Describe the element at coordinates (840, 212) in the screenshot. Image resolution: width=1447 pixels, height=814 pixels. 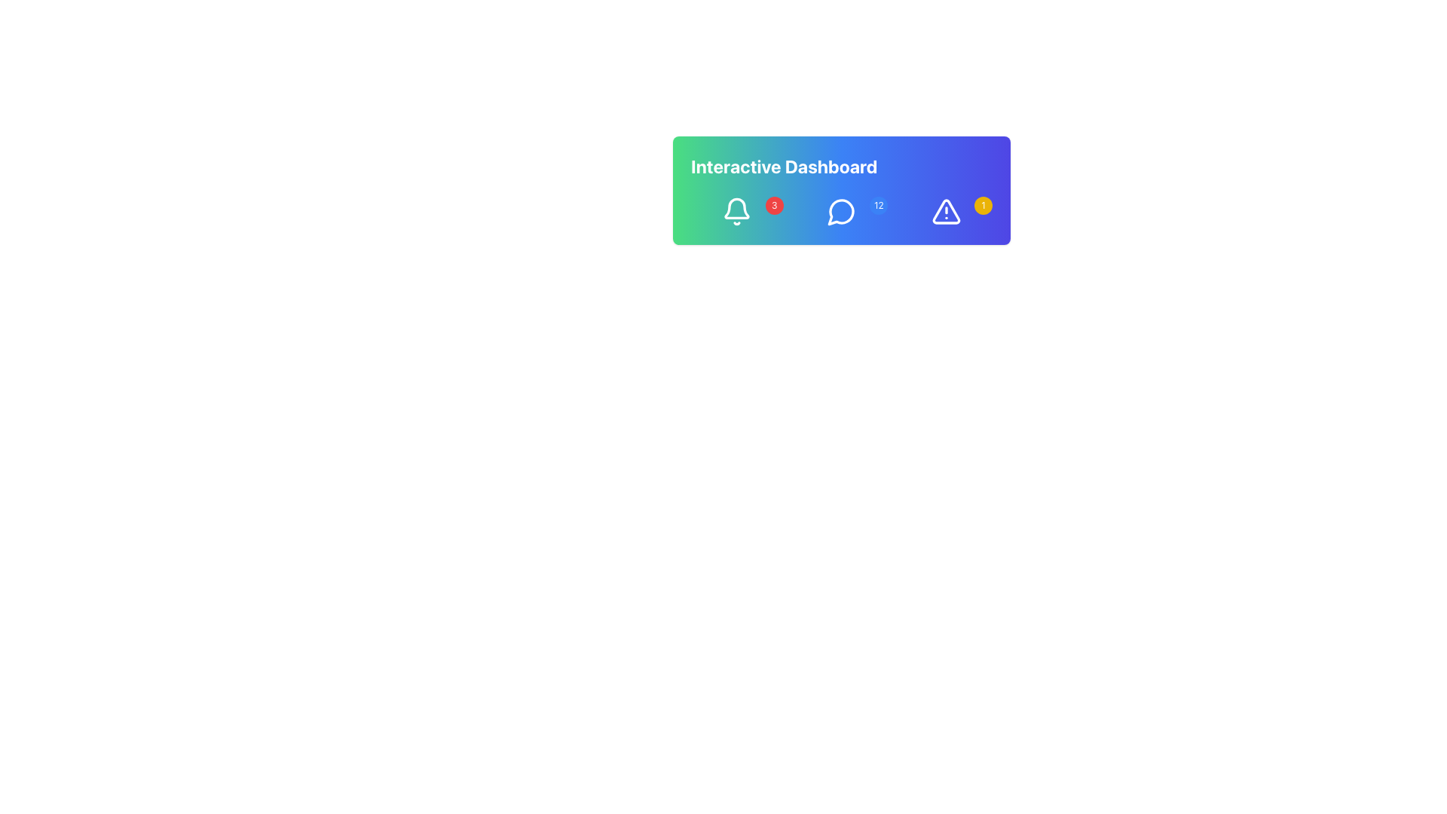
I see `the second icon from the left in the 'Interactive Dashboard' banner, which indicates messages or conversations` at that location.